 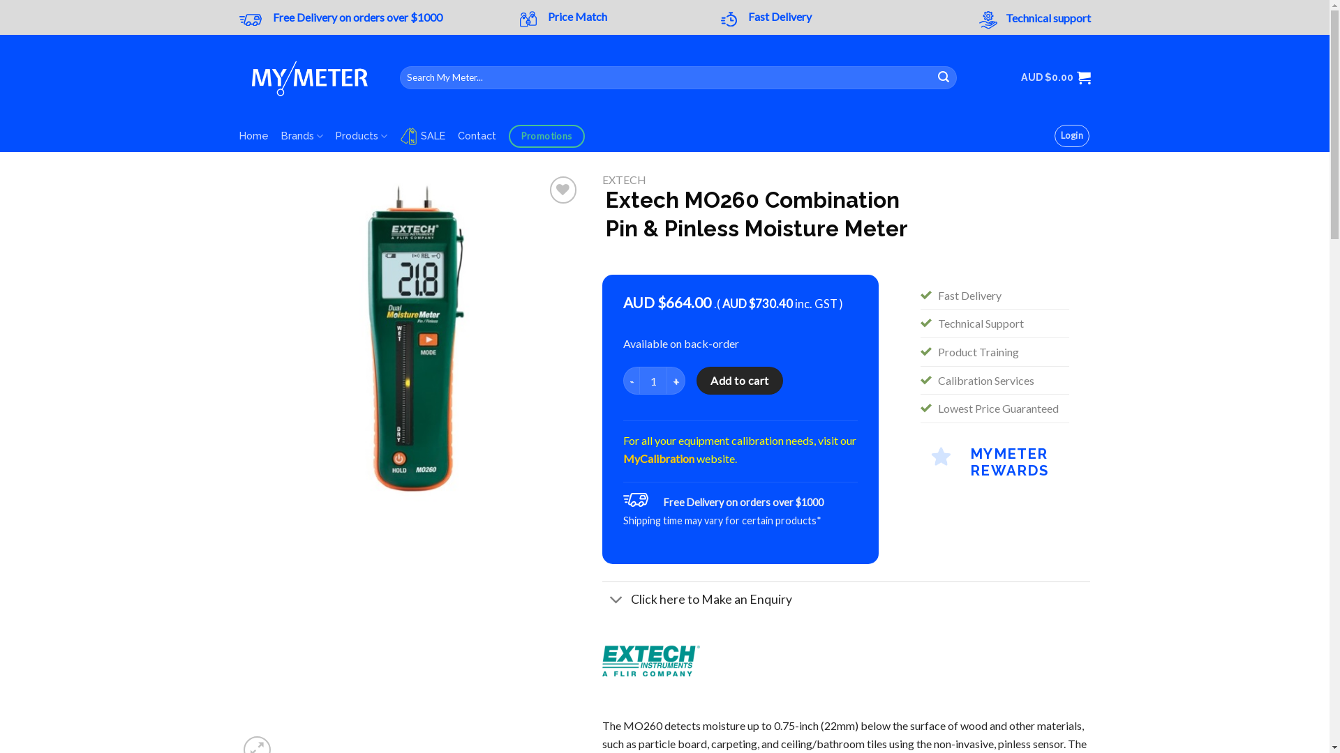 What do you see at coordinates (301, 136) in the screenshot?
I see `'Brands'` at bounding box center [301, 136].